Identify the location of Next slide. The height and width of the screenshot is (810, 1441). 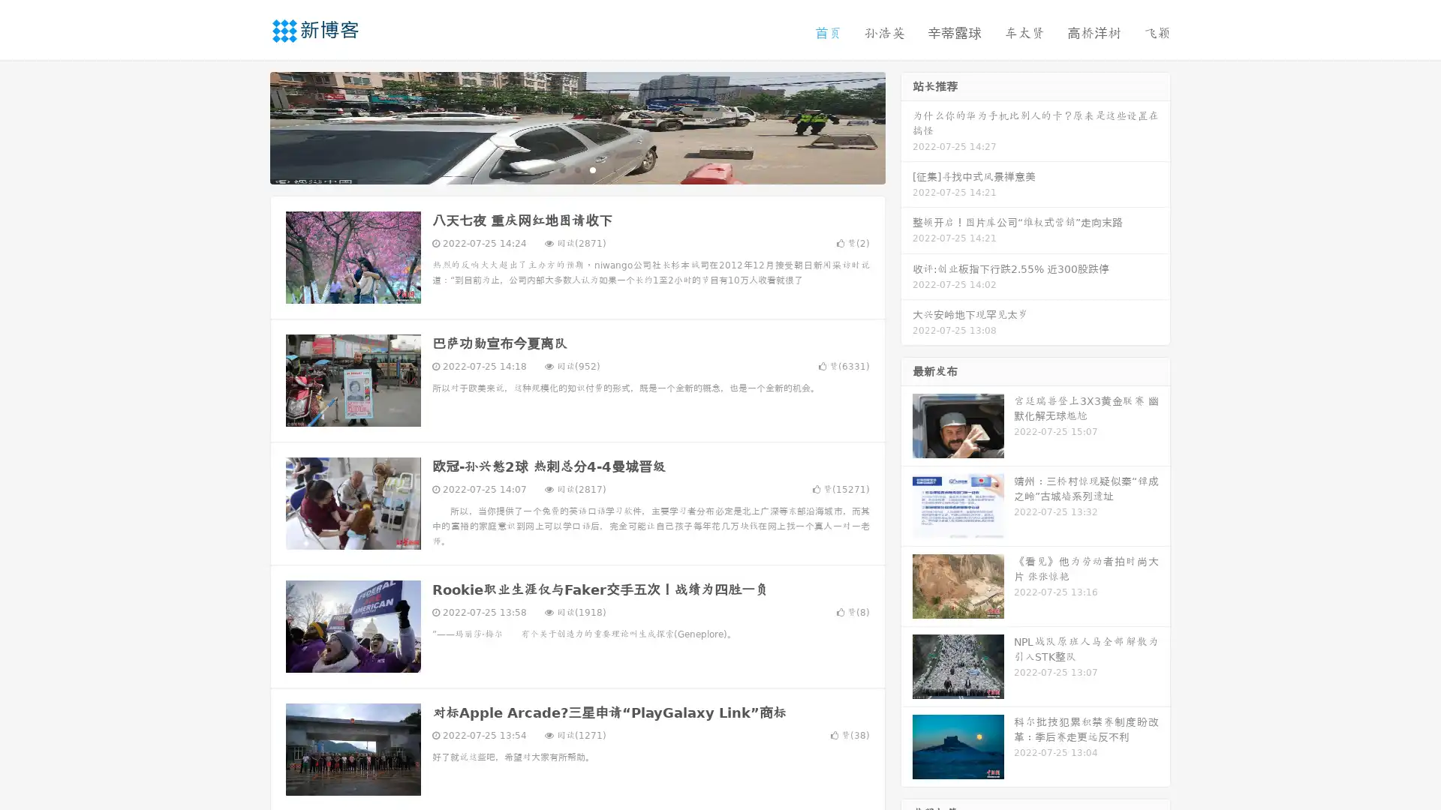
(907, 126).